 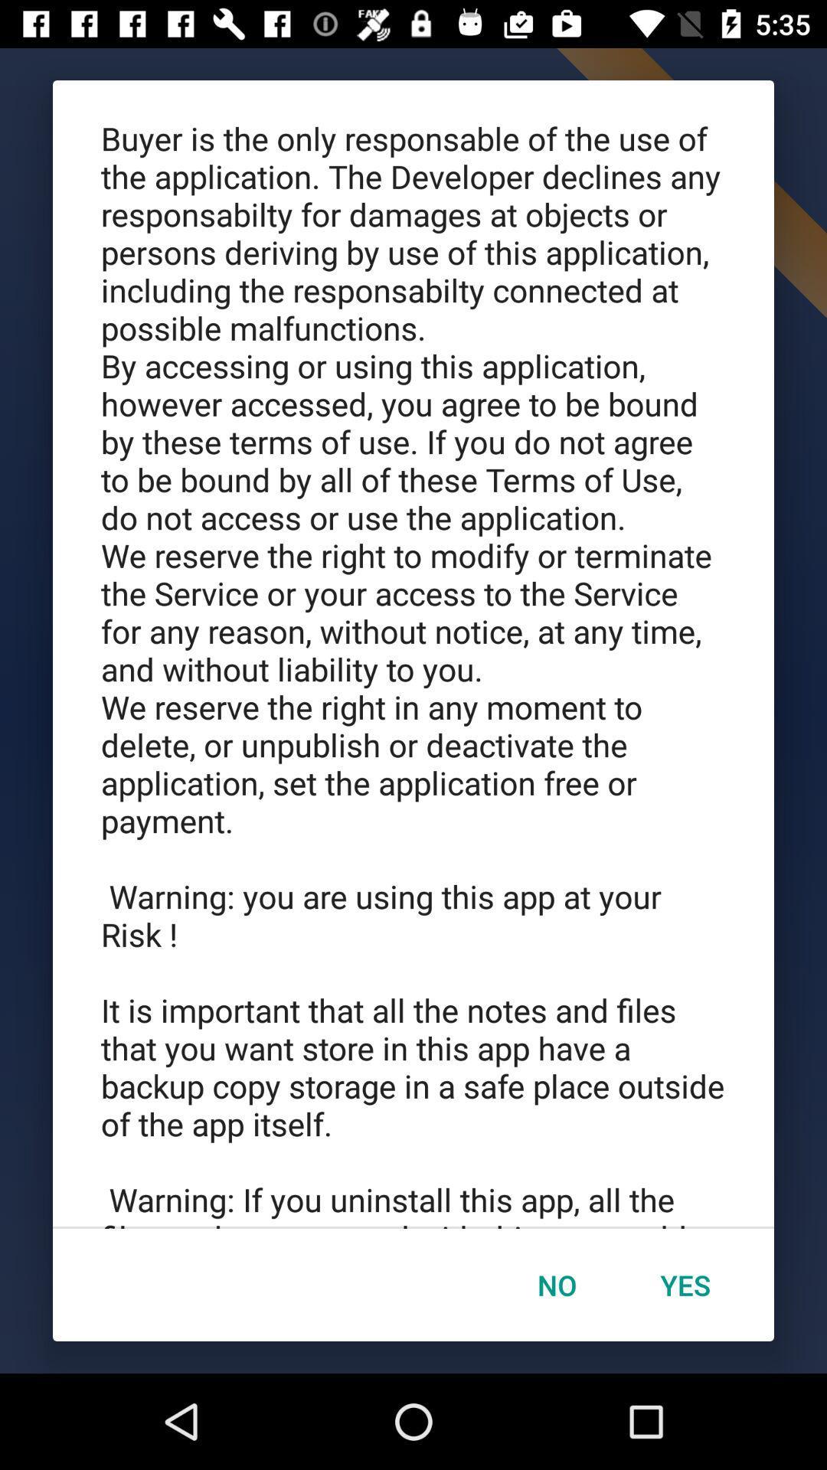 I want to click on yes button, so click(x=685, y=1285).